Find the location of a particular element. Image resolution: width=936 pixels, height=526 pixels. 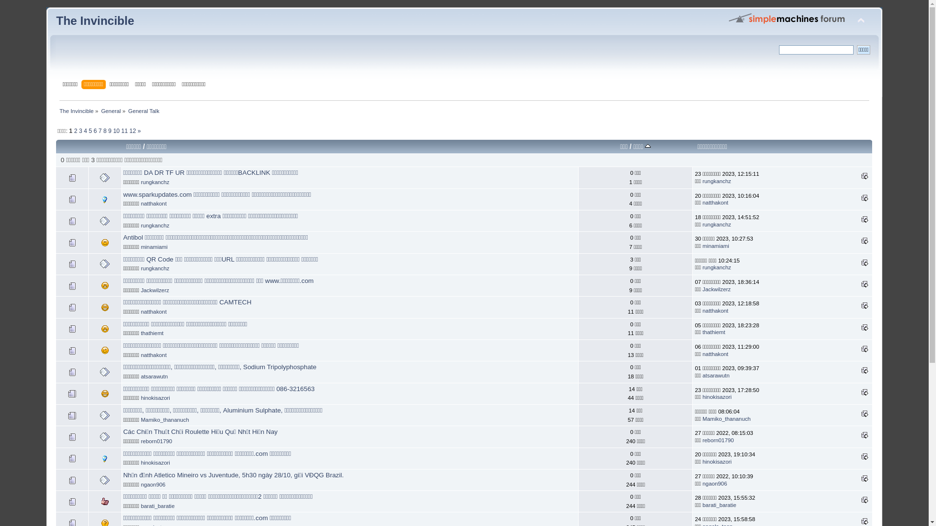

'5' is located at coordinates (90, 131).